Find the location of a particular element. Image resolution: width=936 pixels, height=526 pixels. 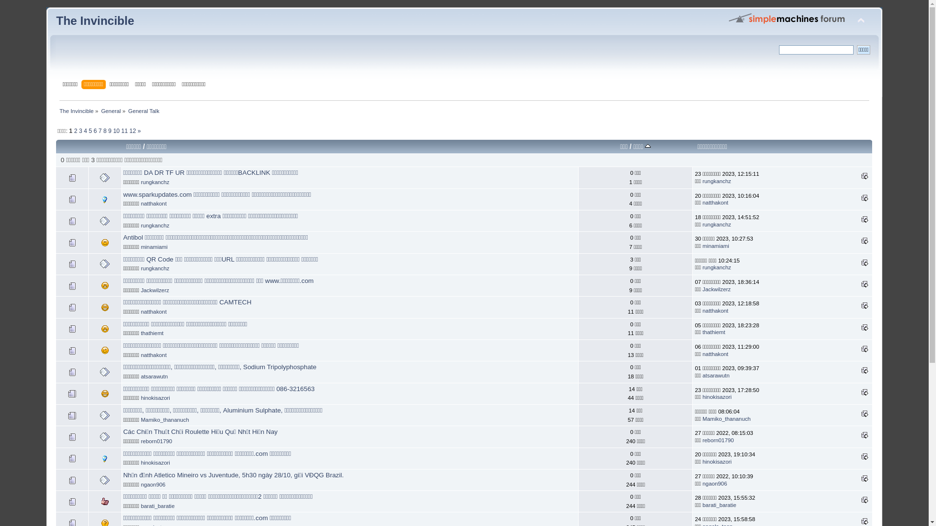

'5' is located at coordinates (90, 131).